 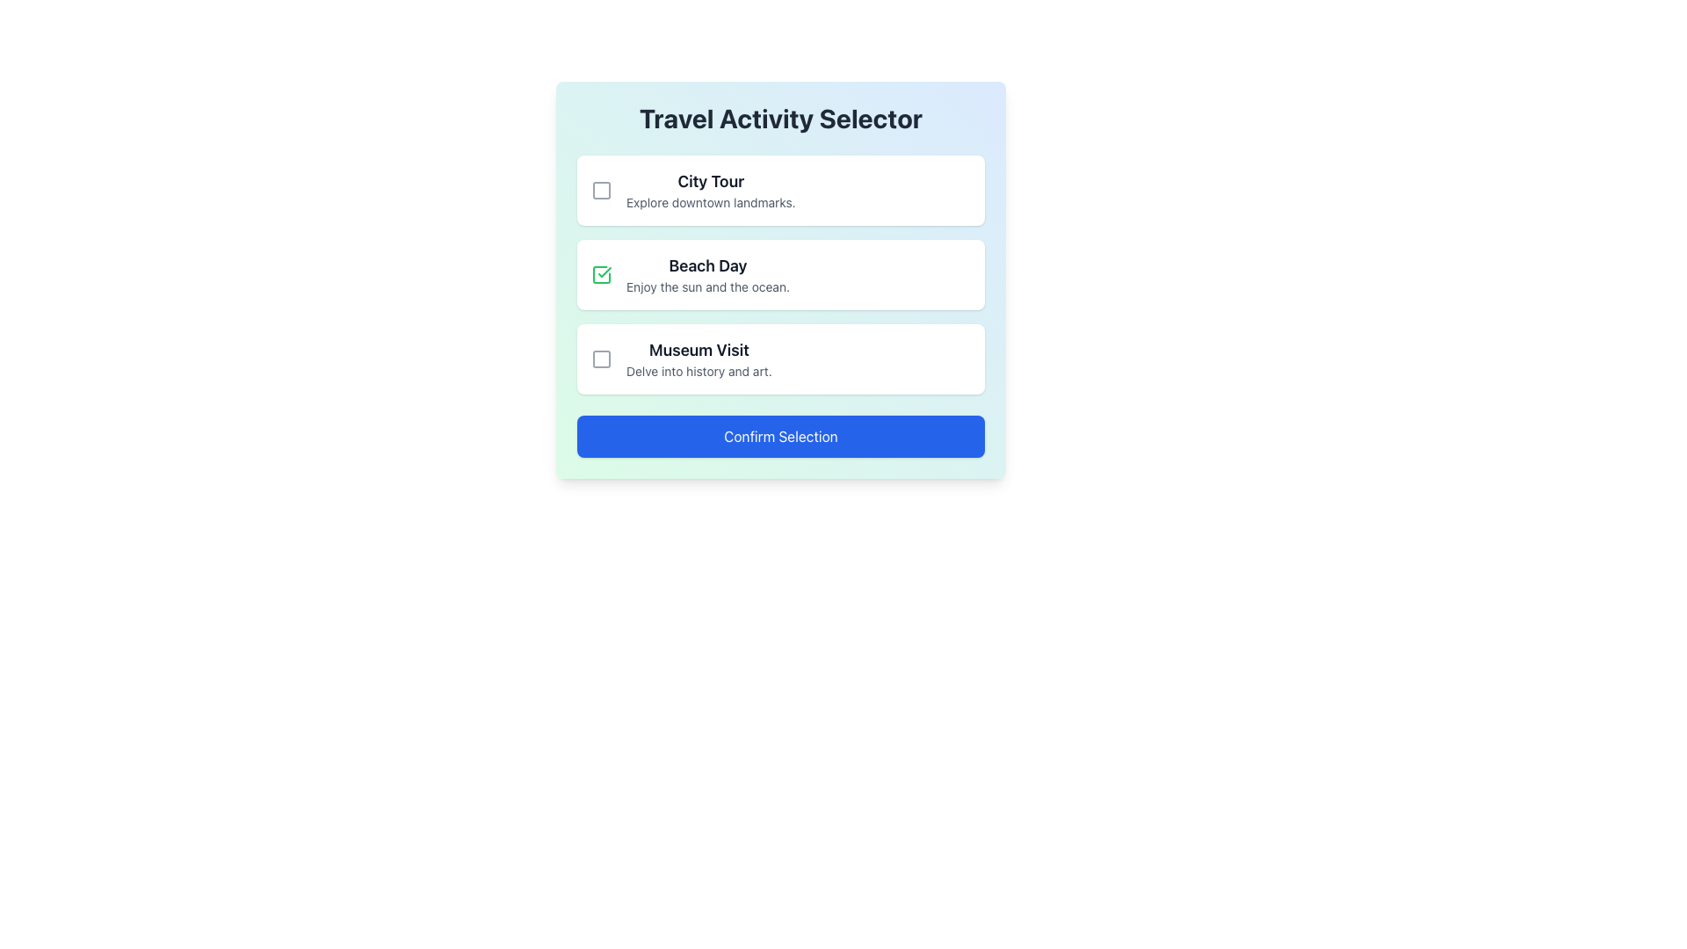 What do you see at coordinates (779, 436) in the screenshot?
I see `the confirmation button located at the bottom of the travel activities selection card` at bounding box center [779, 436].